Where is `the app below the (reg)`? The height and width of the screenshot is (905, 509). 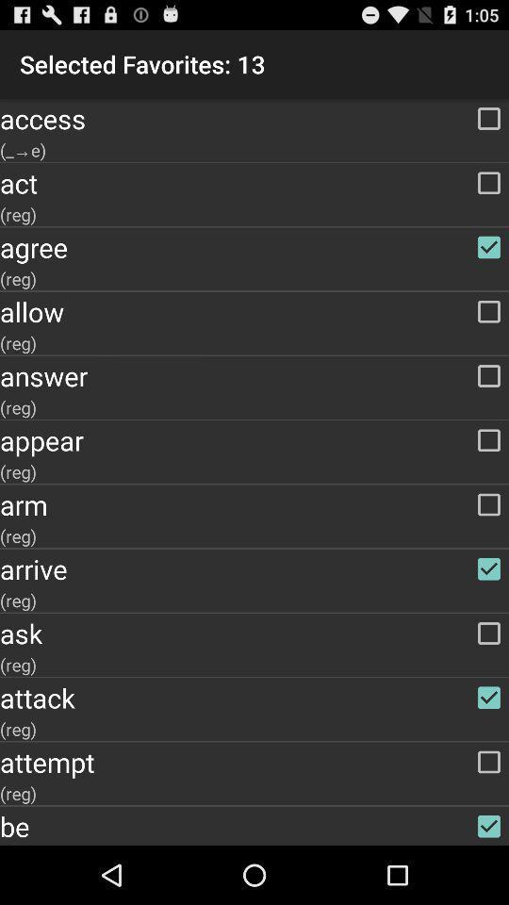
the app below the (reg) is located at coordinates (254, 246).